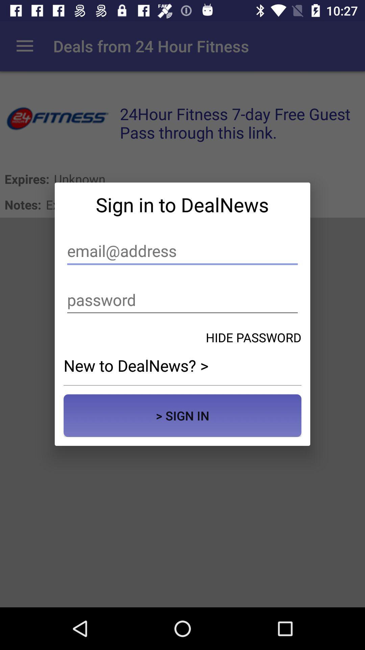 Image resolution: width=365 pixels, height=650 pixels. I want to click on password, so click(182, 300).